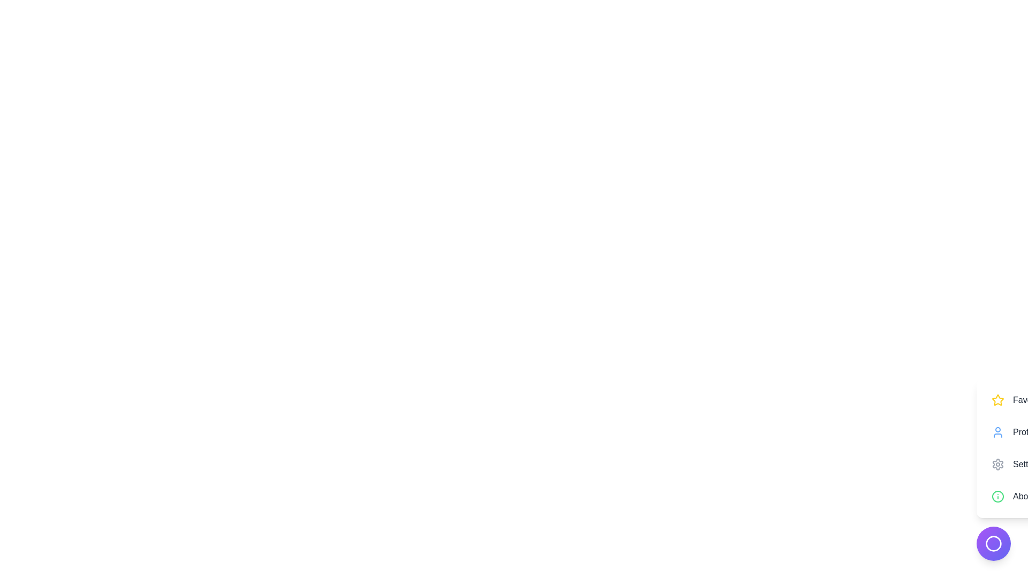 The height and width of the screenshot is (578, 1028). I want to click on central button to toggle the speed dial menu, so click(993, 543).